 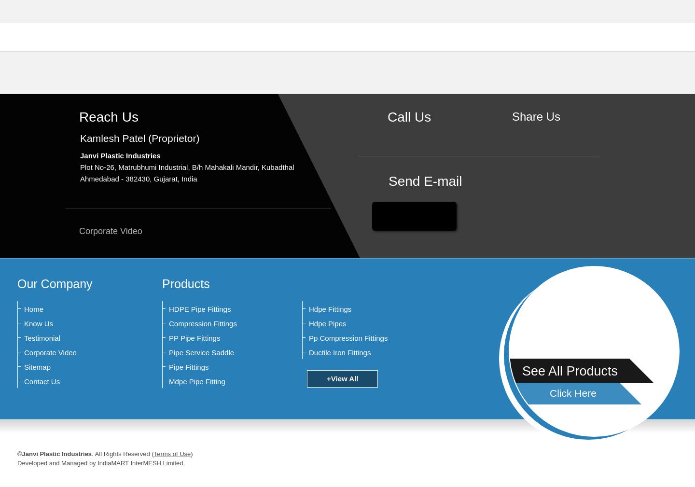 I want to click on 'Pipe Fittings', so click(x=188, y=367).